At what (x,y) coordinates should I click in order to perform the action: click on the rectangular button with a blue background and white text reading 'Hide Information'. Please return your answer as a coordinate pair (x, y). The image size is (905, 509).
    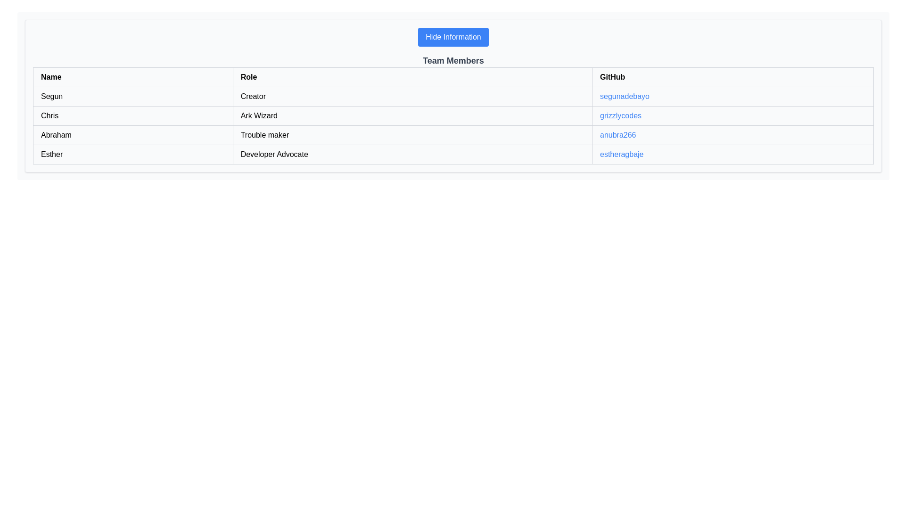
    Looking at the image, I should click on (453, 36).